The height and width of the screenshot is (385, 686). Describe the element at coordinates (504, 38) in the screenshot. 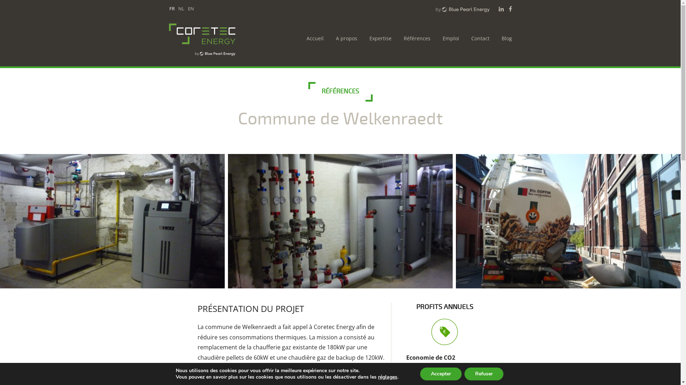

I see `'Blog'` at that location.